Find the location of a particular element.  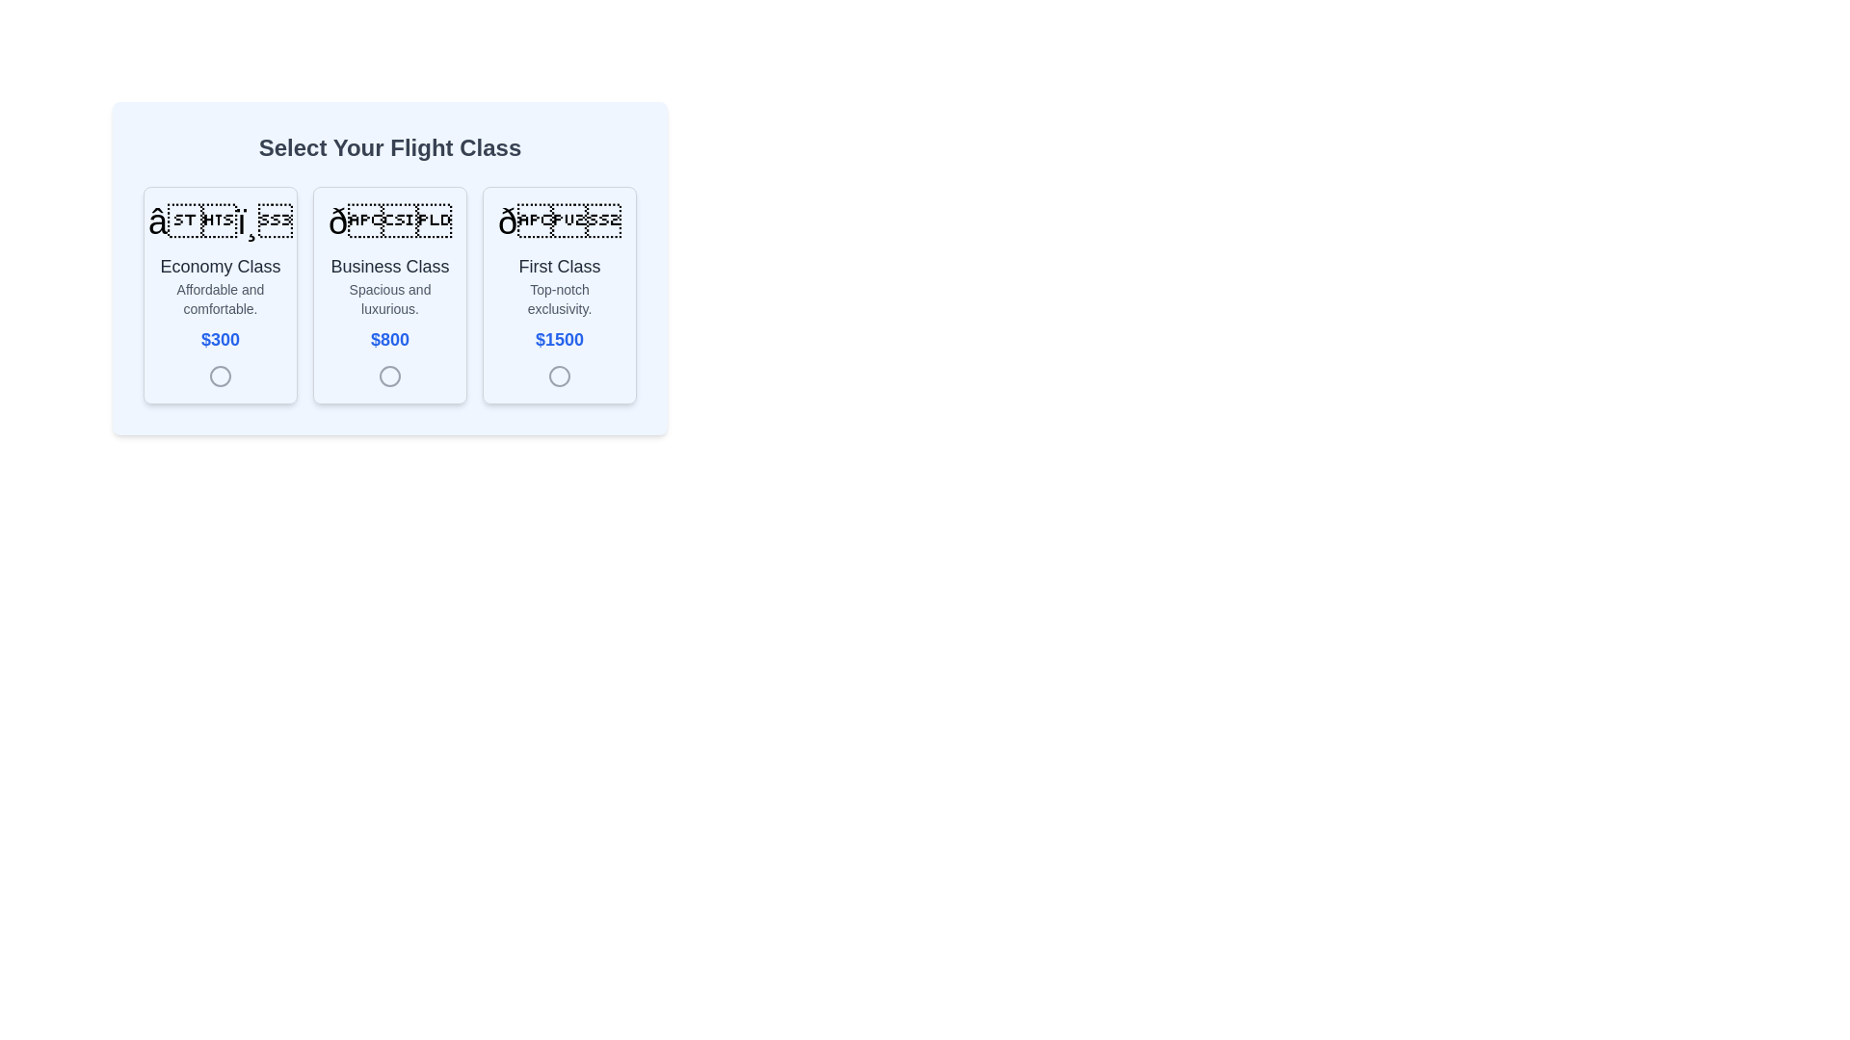

the static text label indicating the cost of the service or item related to the 'Economy Class' option, located at the bottom section of the card, between the description and the radio button is located at coordinates (221, 339).